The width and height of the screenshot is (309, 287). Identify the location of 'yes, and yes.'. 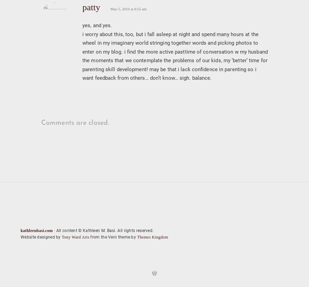
(96, 25).